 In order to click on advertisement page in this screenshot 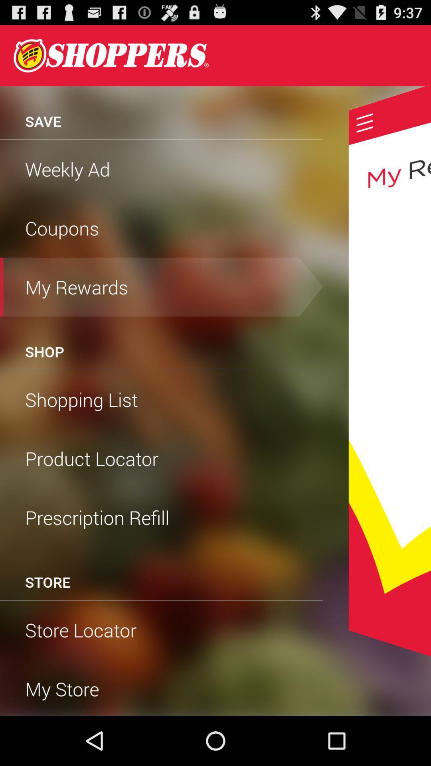, I will do `click(389, 370)`.